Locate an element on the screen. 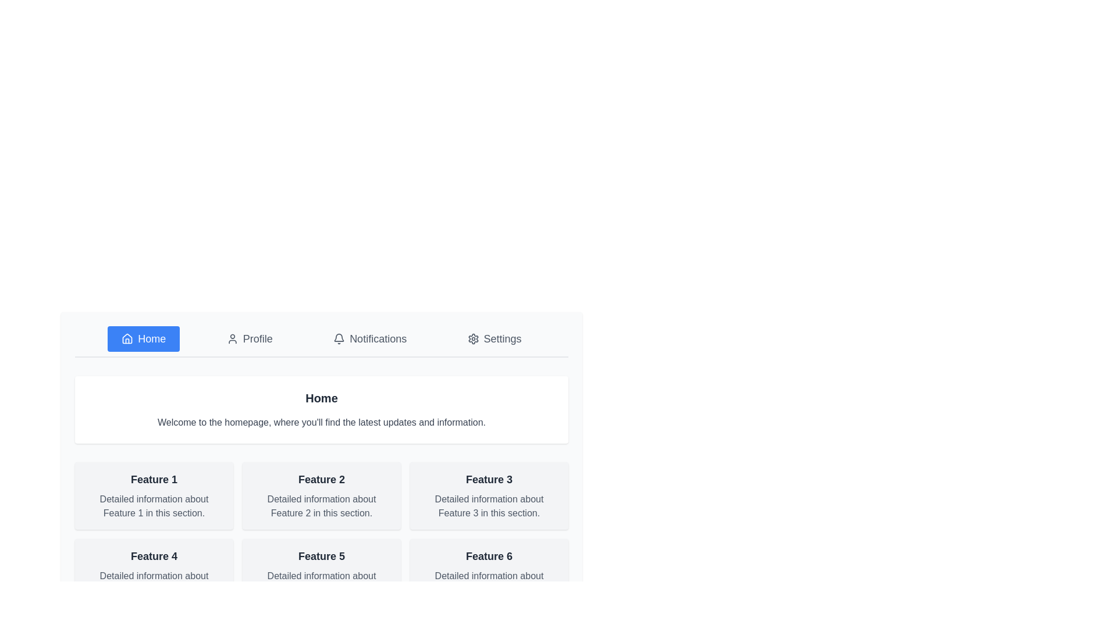 The width and height of the screenshot is (1117, 628). the descriptive text label for 'Feature 6', located in the last row of the grid system, below its sibling text element 'Feature 6' is located at coordinates (489, 583).